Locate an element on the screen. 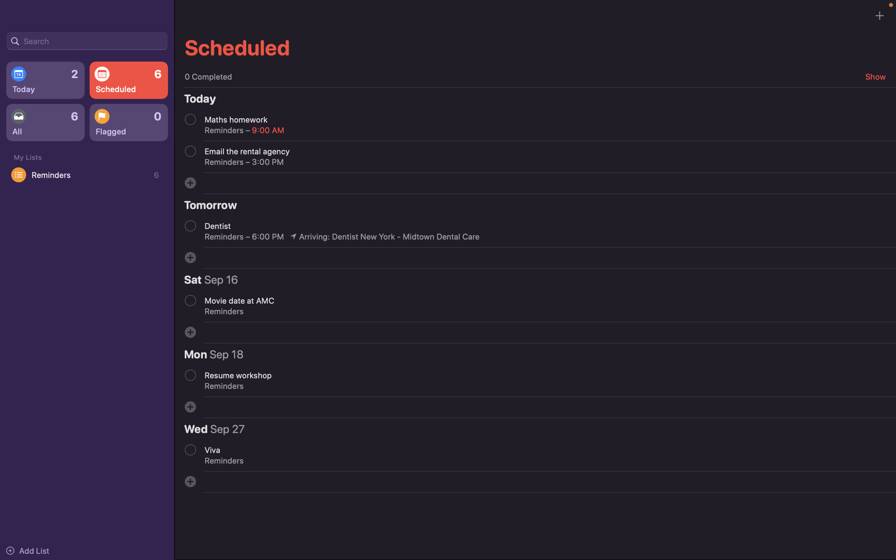 This screenshot has height=560, width=896. Look for information pertaining to a holiday is located at coordinates (87, 40).